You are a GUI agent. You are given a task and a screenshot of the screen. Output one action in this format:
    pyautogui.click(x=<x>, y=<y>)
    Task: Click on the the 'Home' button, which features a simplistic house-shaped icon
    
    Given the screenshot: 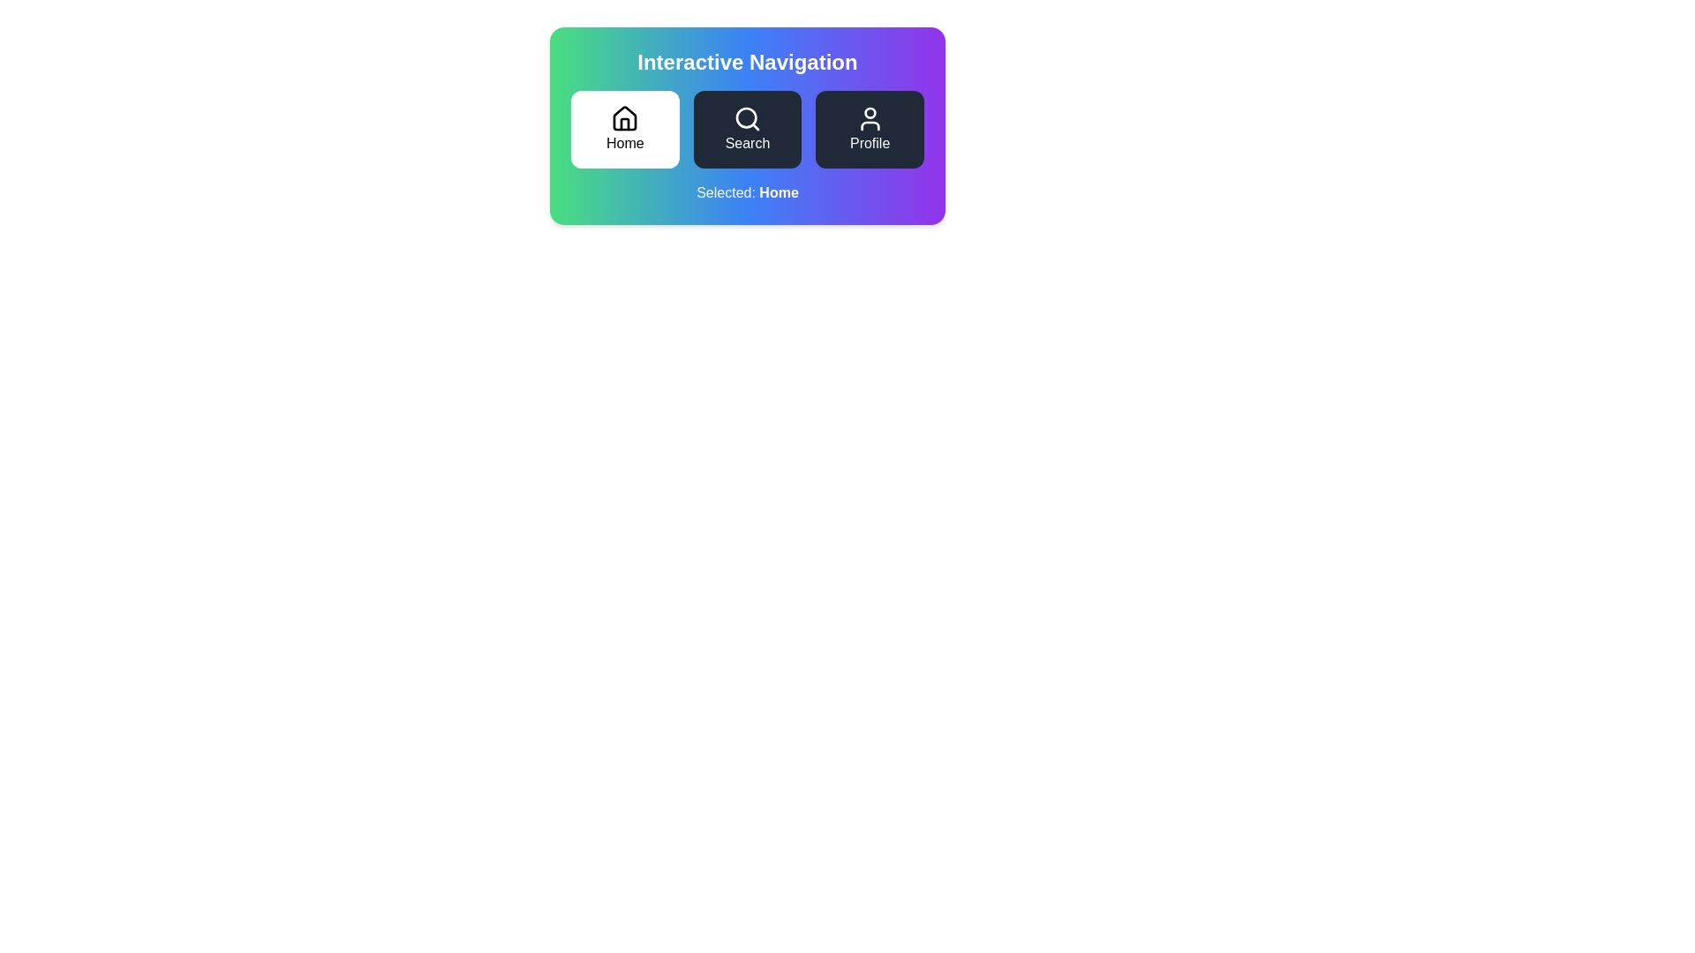 What is the action you would take?
    pyautogui.click(x=625, y=118)
    